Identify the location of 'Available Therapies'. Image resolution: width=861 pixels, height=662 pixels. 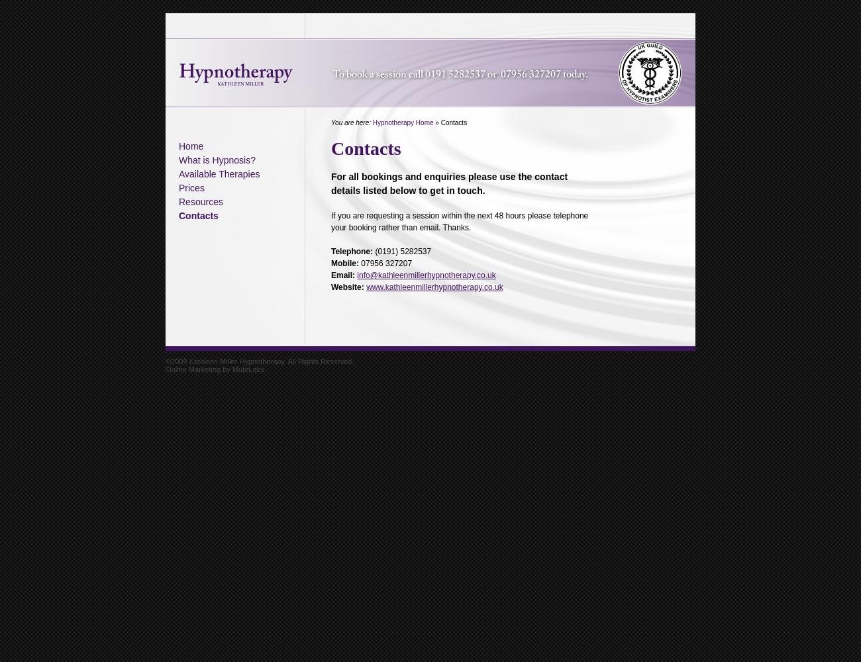
(218, 174).